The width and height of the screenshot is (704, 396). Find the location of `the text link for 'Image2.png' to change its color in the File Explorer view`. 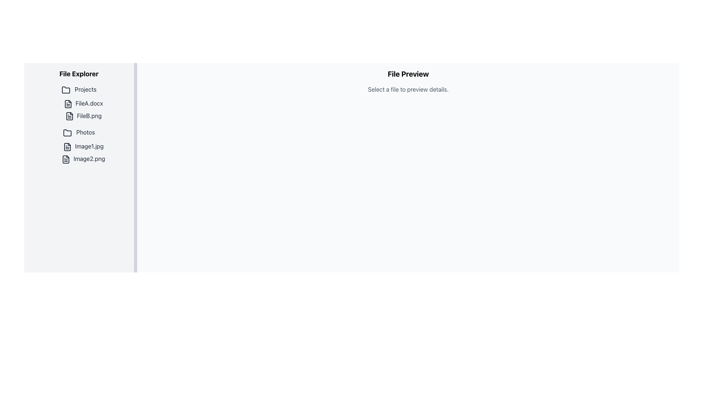

the text link for 'Image2.png' to change its color in the File Explorer view is located at coordinates (83, 158).